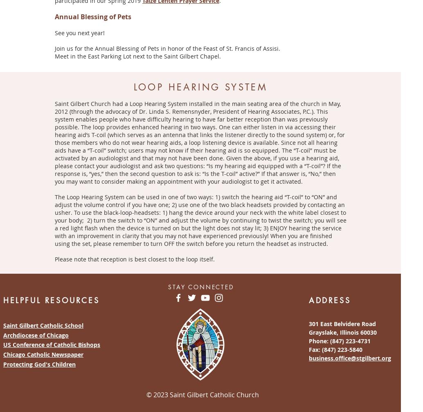 This screenshot has width=423, height=412. I want to click on '© 2023 Saint Gilbert Catholic Church', so click(201, 394).